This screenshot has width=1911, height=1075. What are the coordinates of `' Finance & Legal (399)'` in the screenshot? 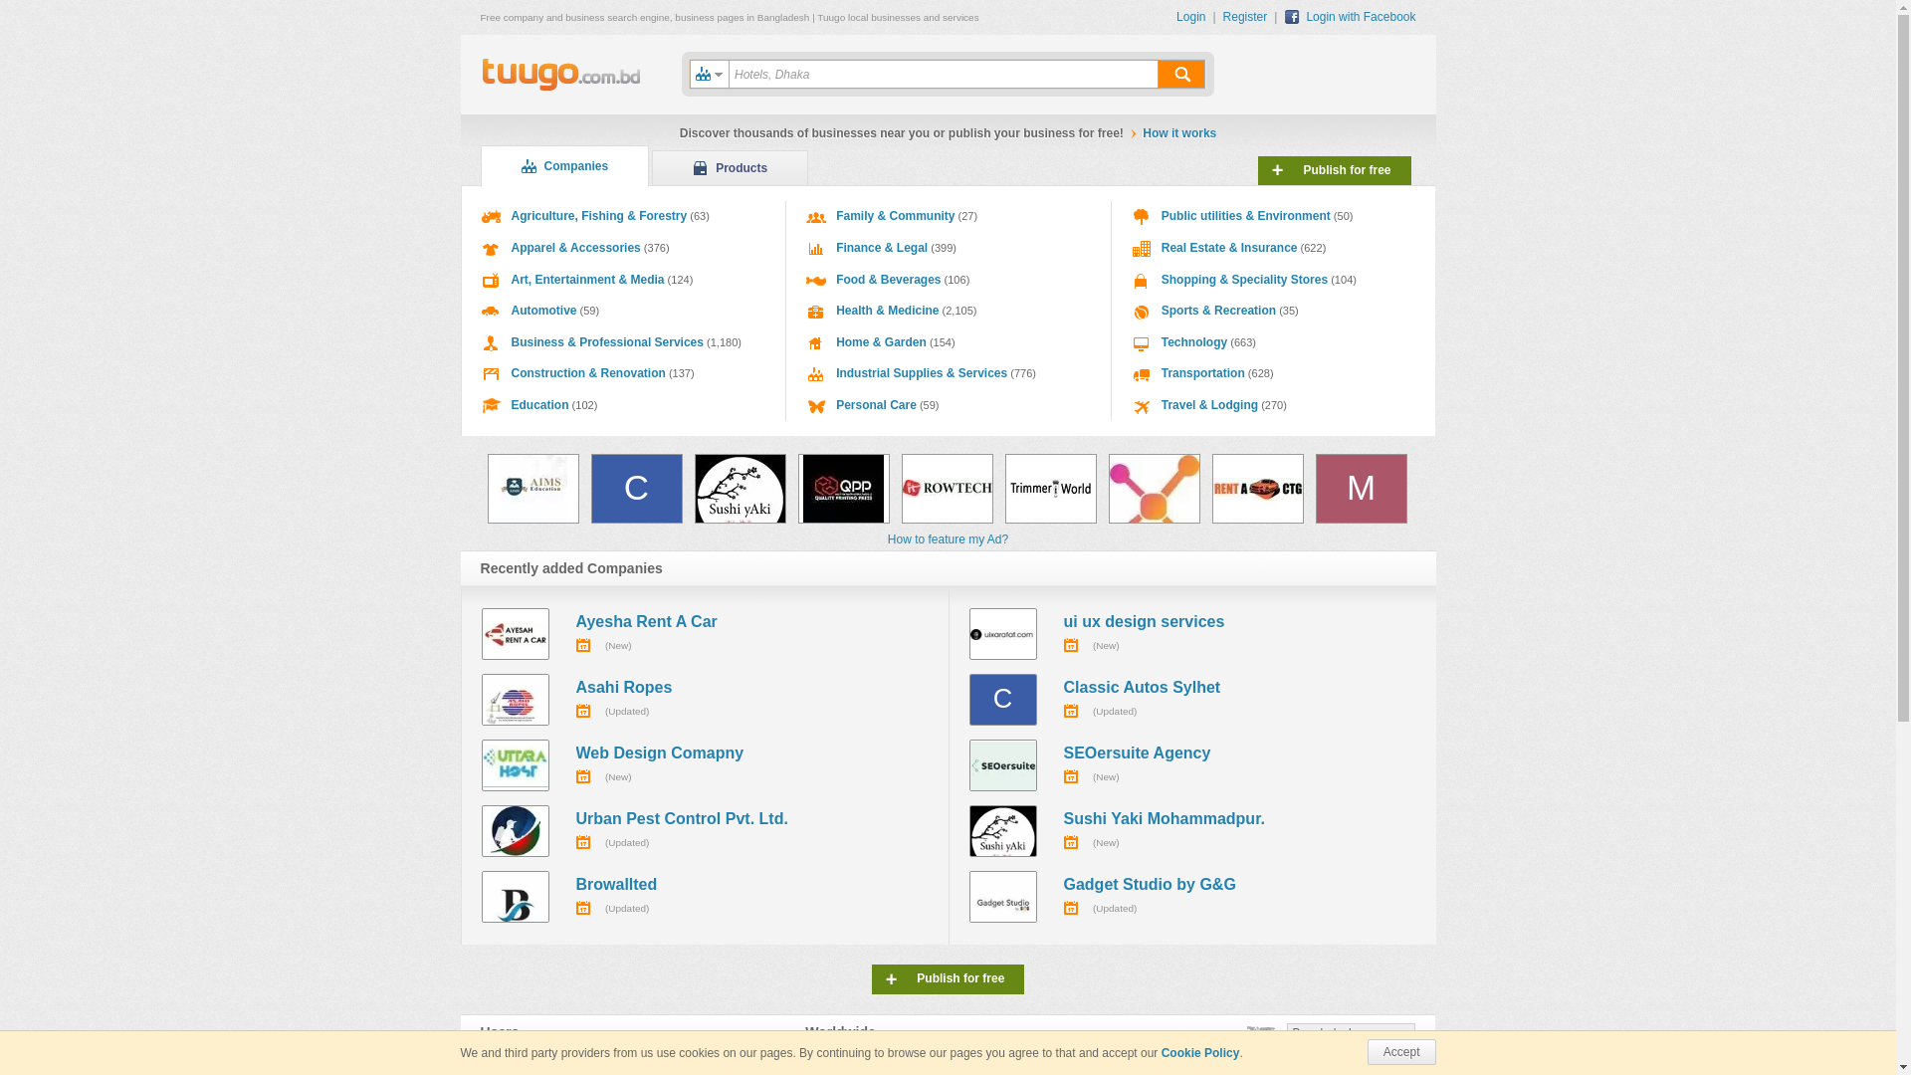 It's located at (948, 248).